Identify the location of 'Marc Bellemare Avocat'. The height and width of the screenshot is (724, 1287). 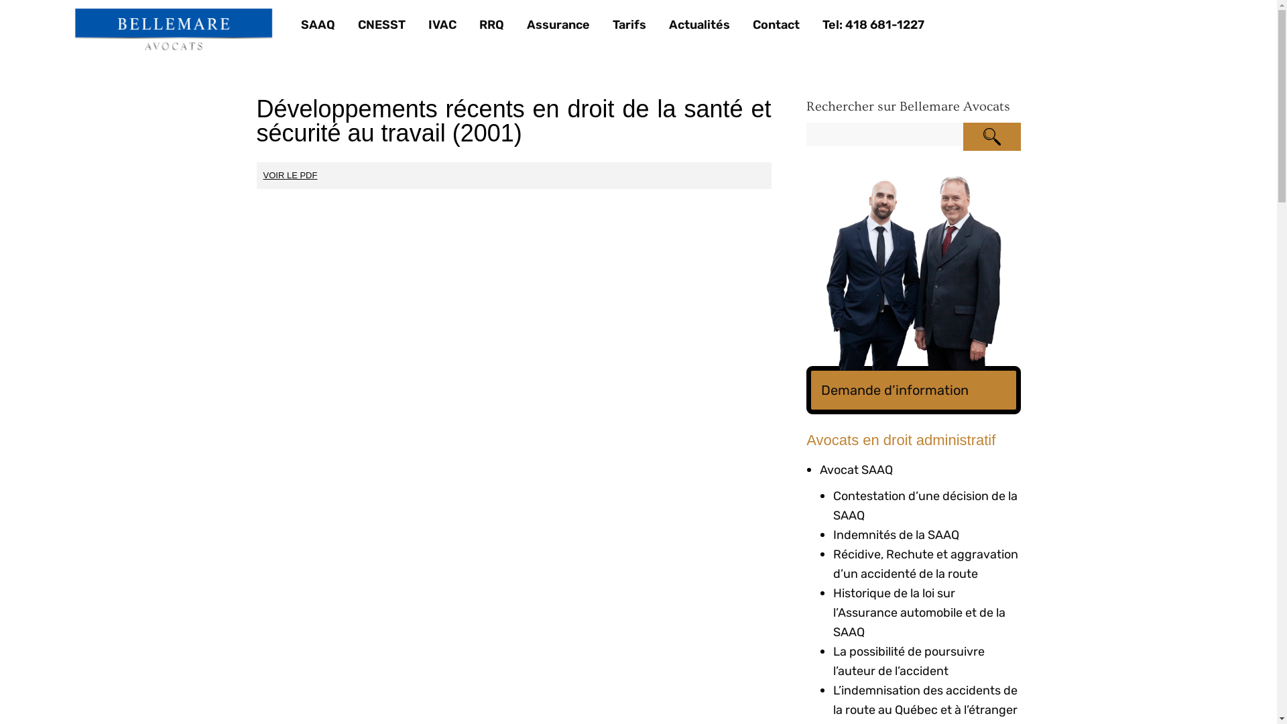
(173, 30).